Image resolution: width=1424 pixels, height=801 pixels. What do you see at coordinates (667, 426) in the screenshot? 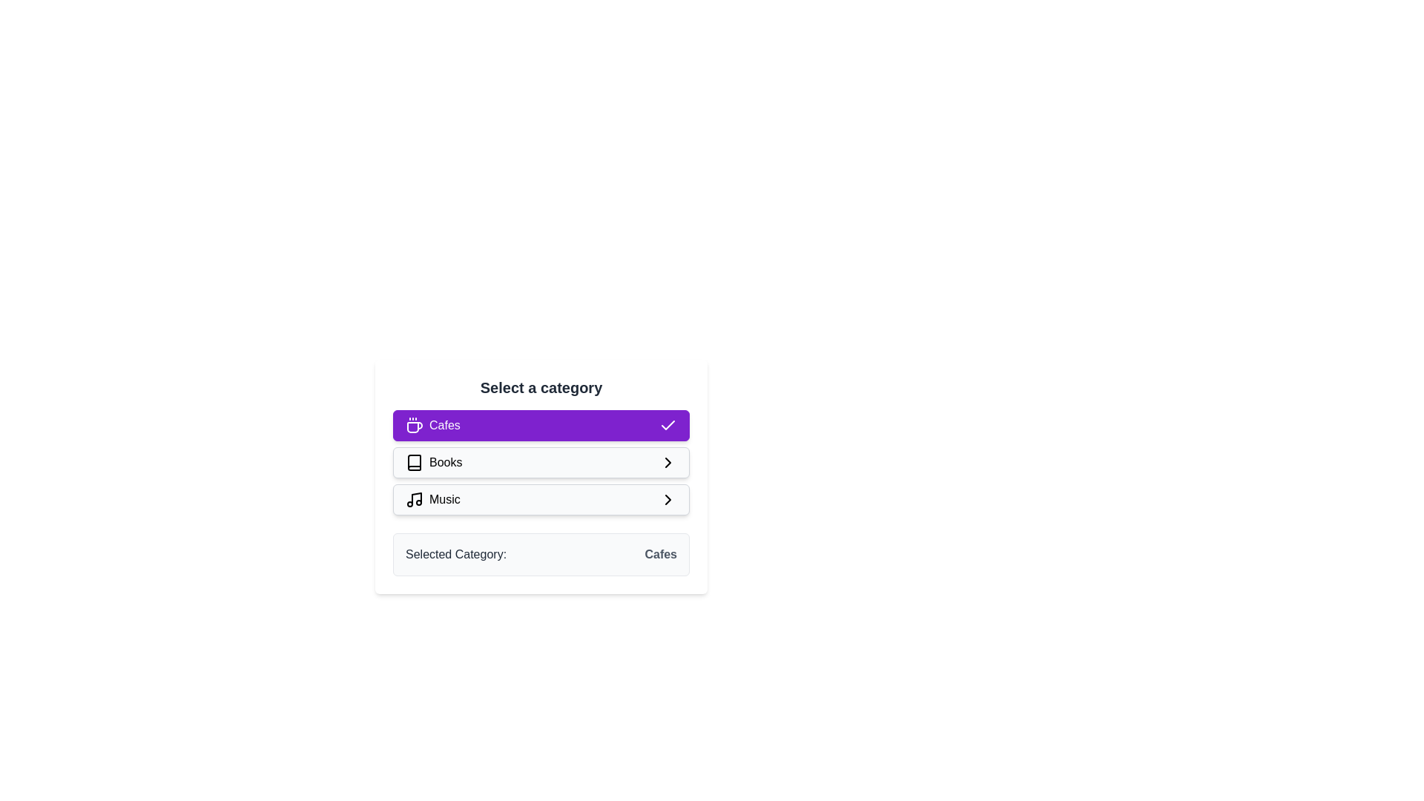
I see `the outlined check mark icon on the far-right side of the 'Cafes' button, which is highlighted in purple to indicate the selected state` at bounding box center [667, 426].